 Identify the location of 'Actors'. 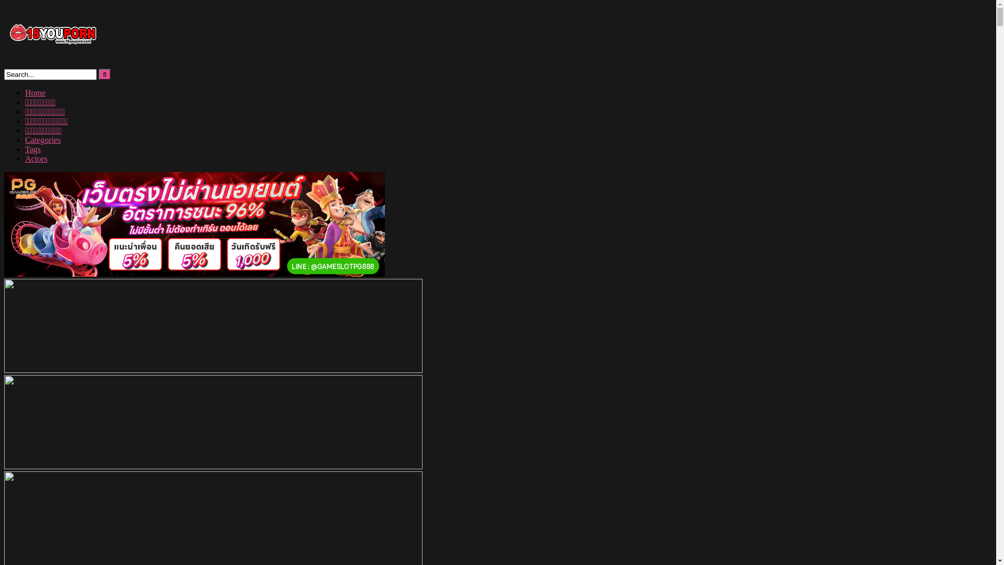
(36, 159).